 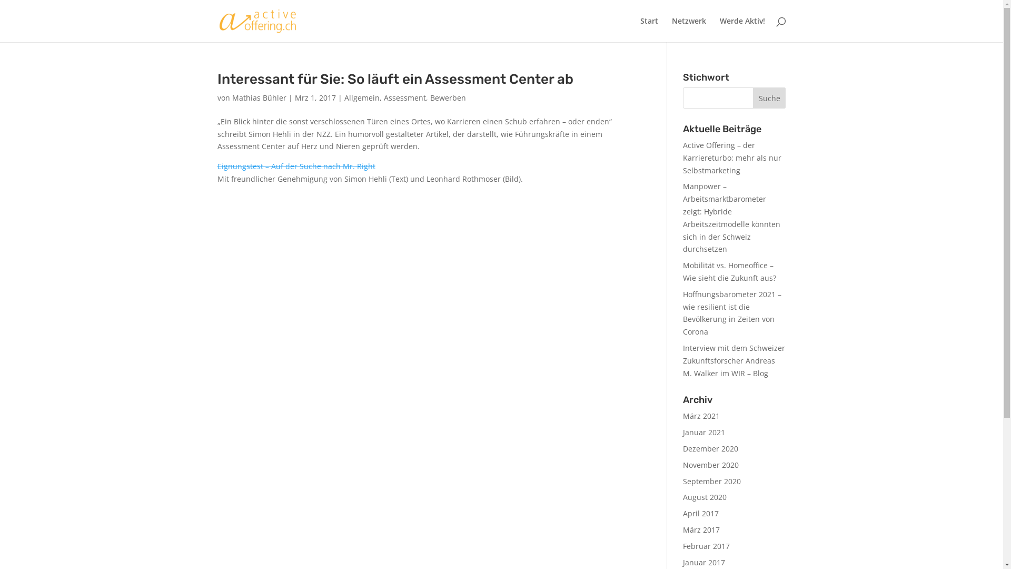 I want to click on 'Januar 2021', so click(x=704, y=432).